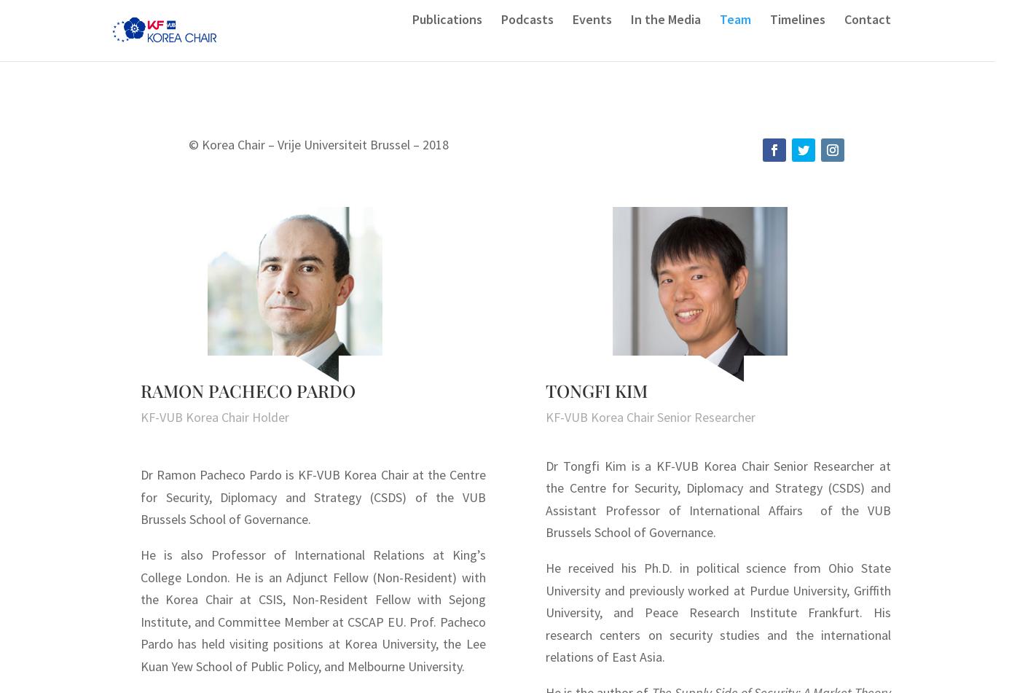  What do you see at coordinates (650, 416) in the screenshot?
I see `'KF-VUB Korea Chair Senior Researcher'` at bounding box center [650, 416].